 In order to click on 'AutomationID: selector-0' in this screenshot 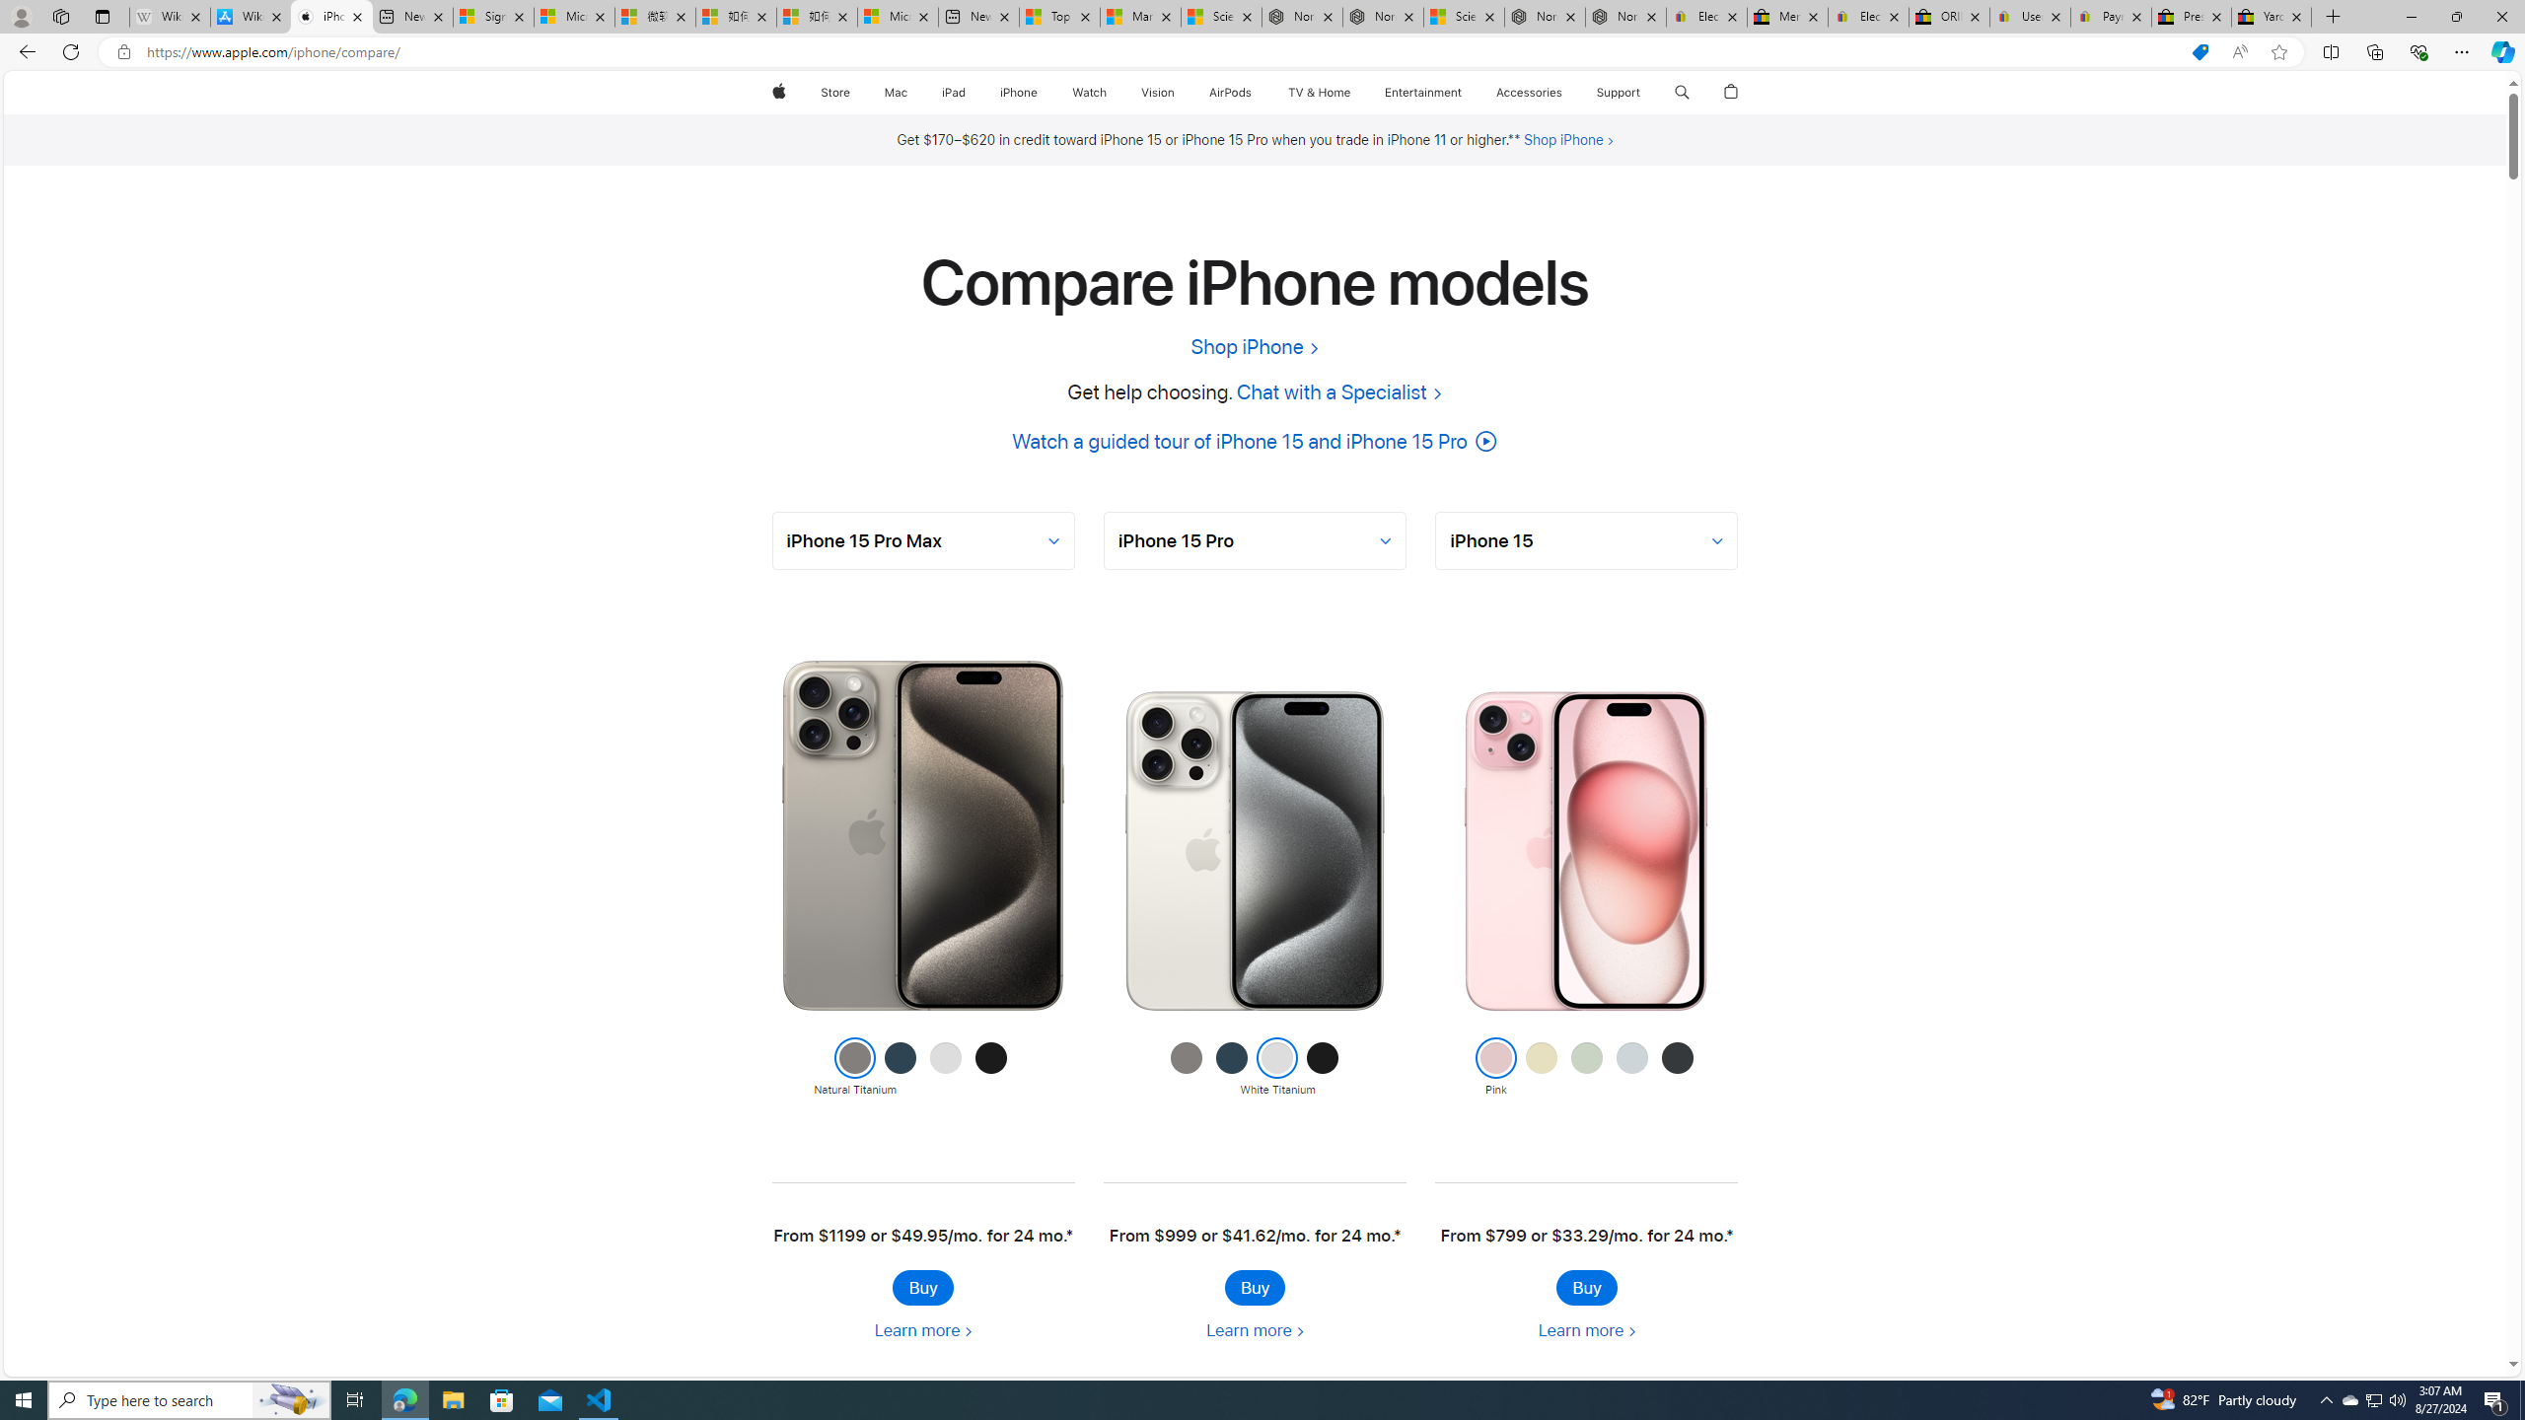, I will do `click(921, 539)`.